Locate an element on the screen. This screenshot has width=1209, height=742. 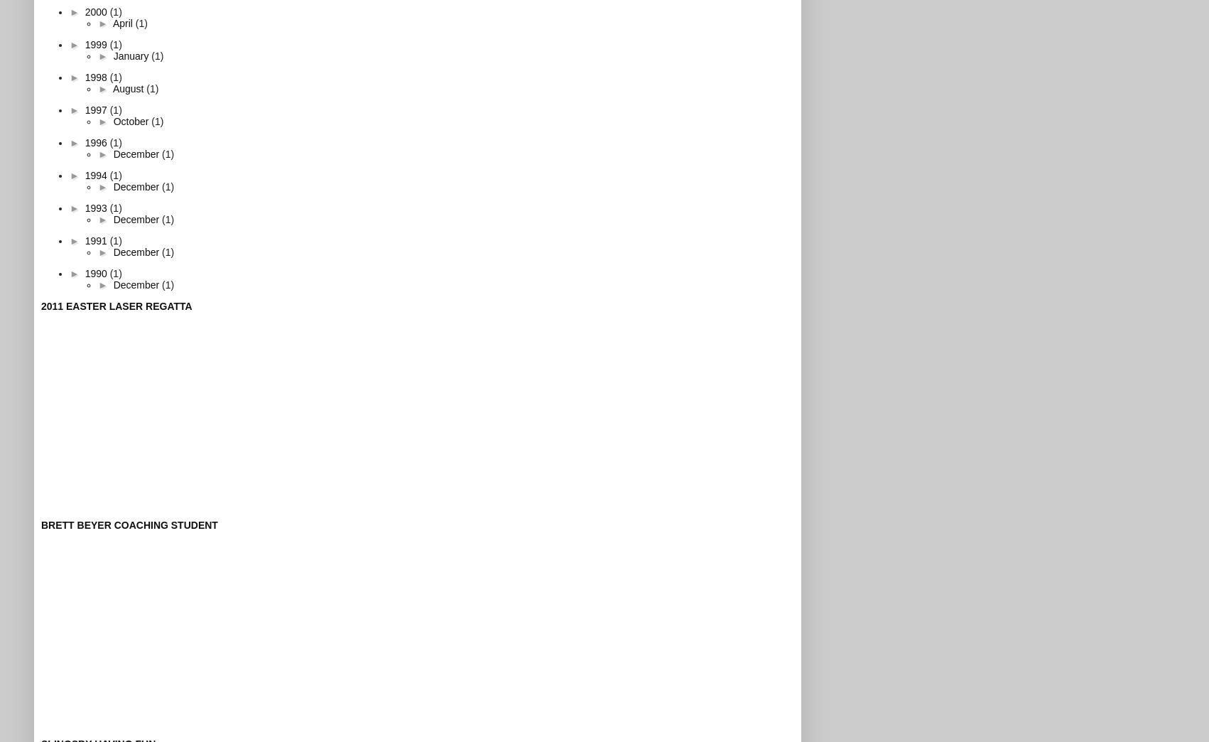
'October' is located at coordinates (131, 119).